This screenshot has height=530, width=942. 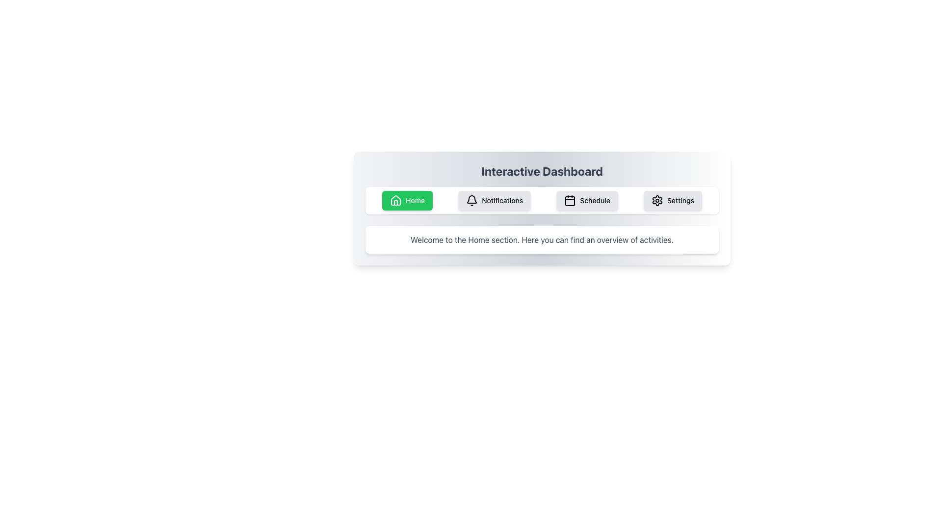 What do you see at coordinates (570, 200) in the screenshot?
I see `the decorative calendar icon located in the navigation bar below the 'Schedule' title` at bounding box center [570, 200].